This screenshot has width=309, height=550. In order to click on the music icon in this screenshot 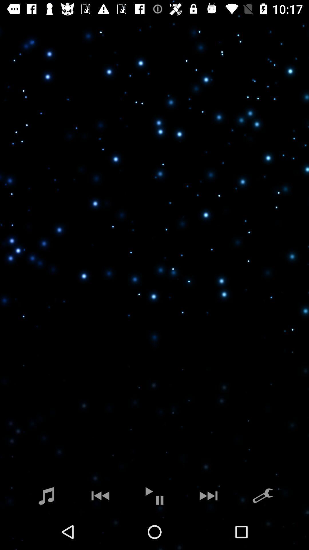, I will do `click(46, 496)`.